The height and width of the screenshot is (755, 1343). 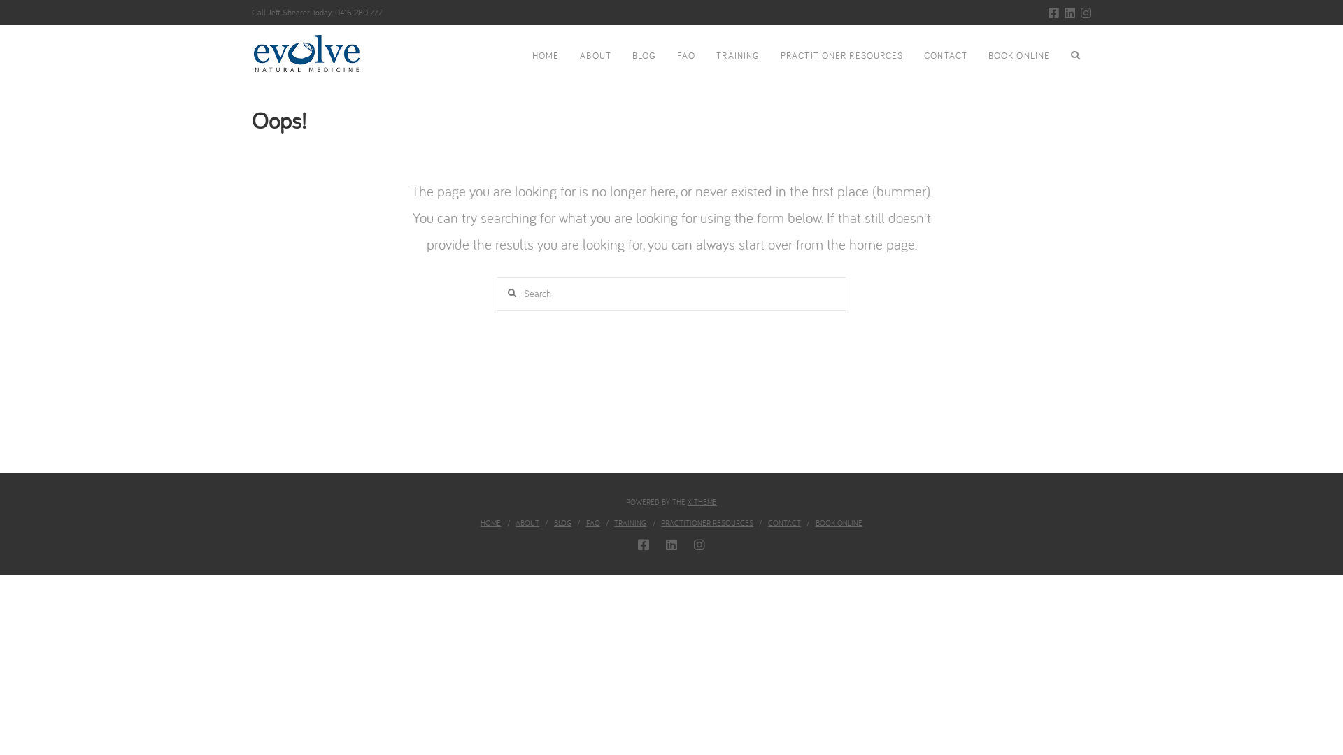 What do you see at coordinates (520, 56) in the screenshot?
I see `'HOME'` at bounding box center [520, 56].